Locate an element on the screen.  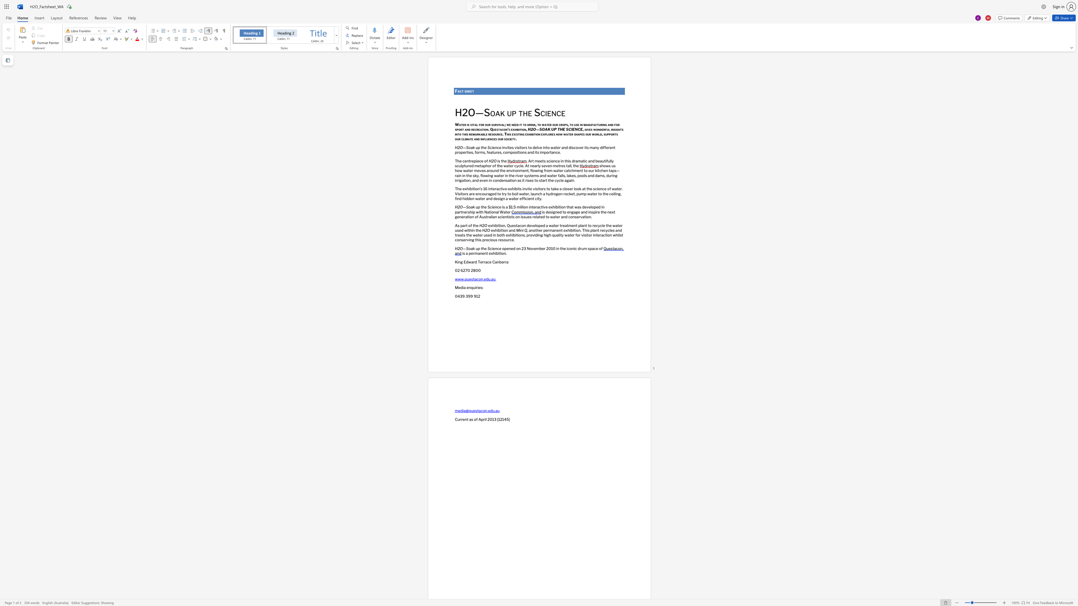
the subset text "the" within the text "opened on 23 November 2010 in the iconic drum space of" is located at coordinates (560, 248).